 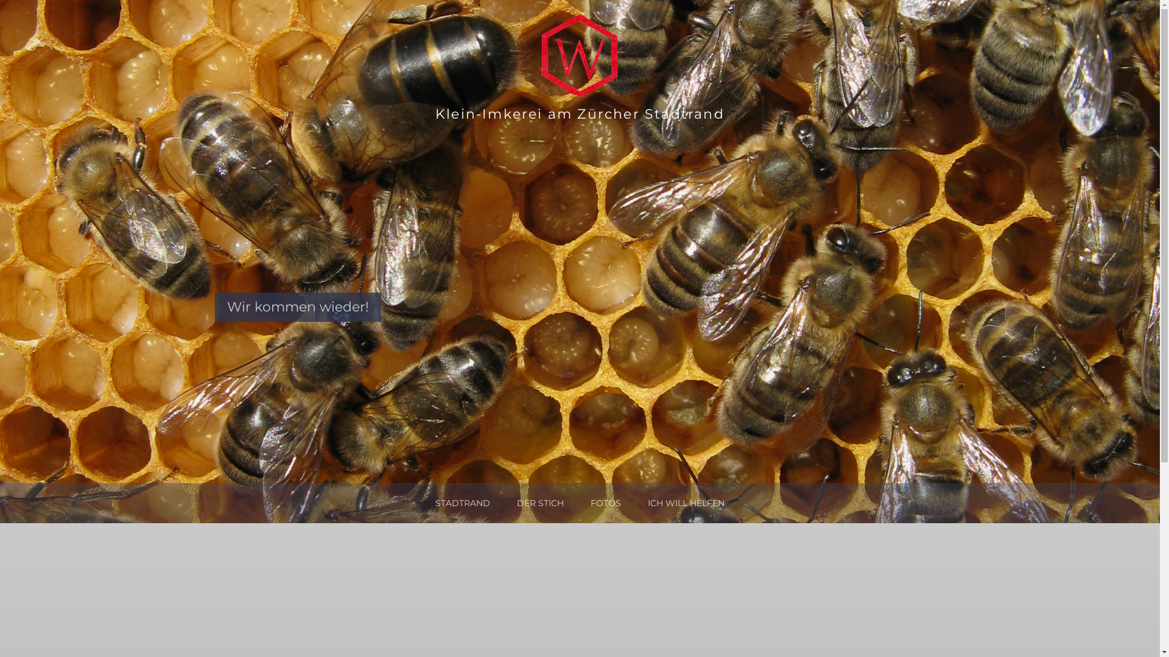 I want to click on 'Wir kommen wieder!', so click(x=297, y=306).